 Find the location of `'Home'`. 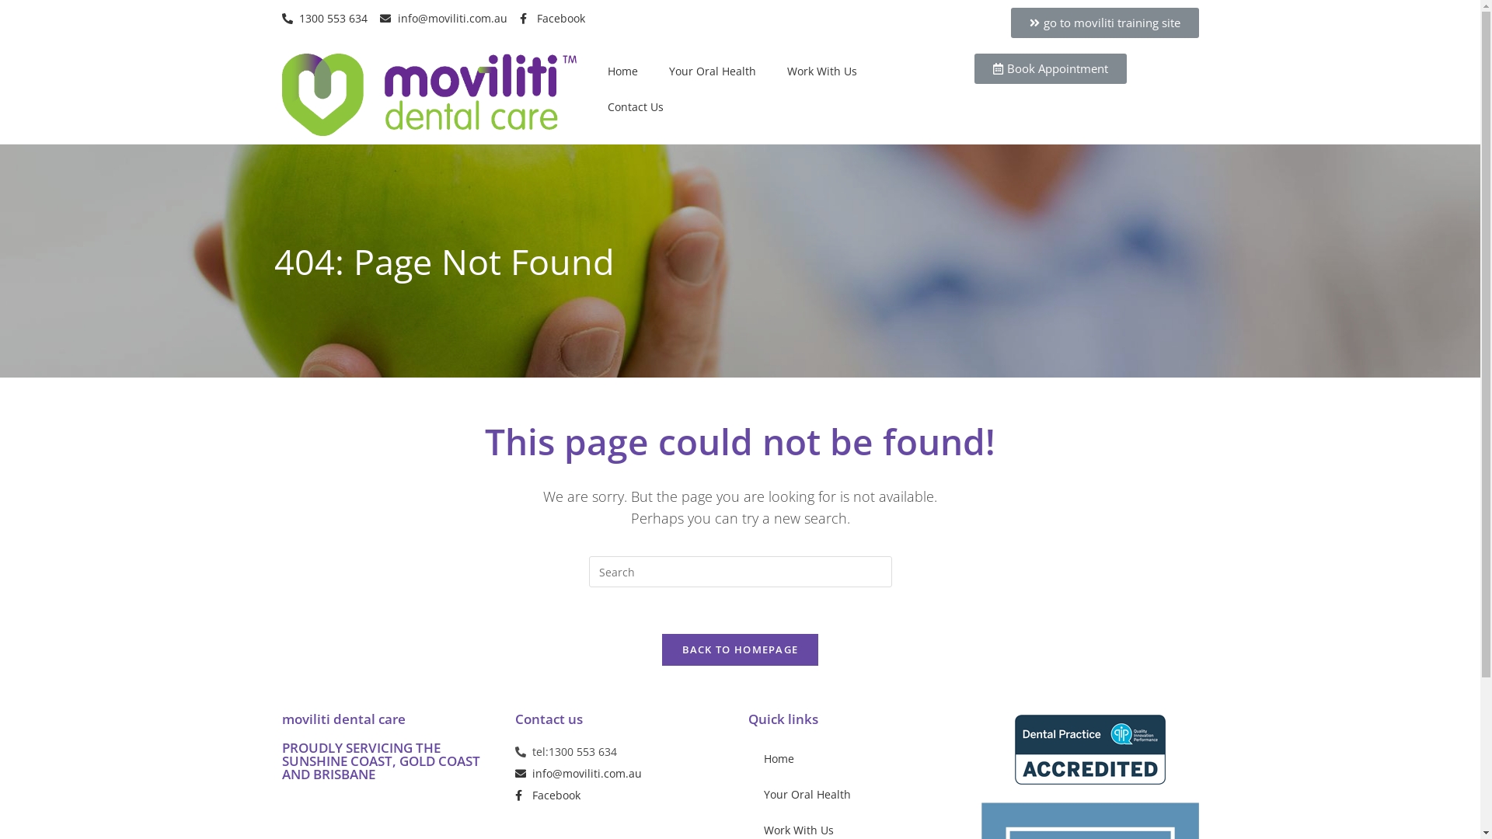

'Home' is located at coordinates (747, 757).